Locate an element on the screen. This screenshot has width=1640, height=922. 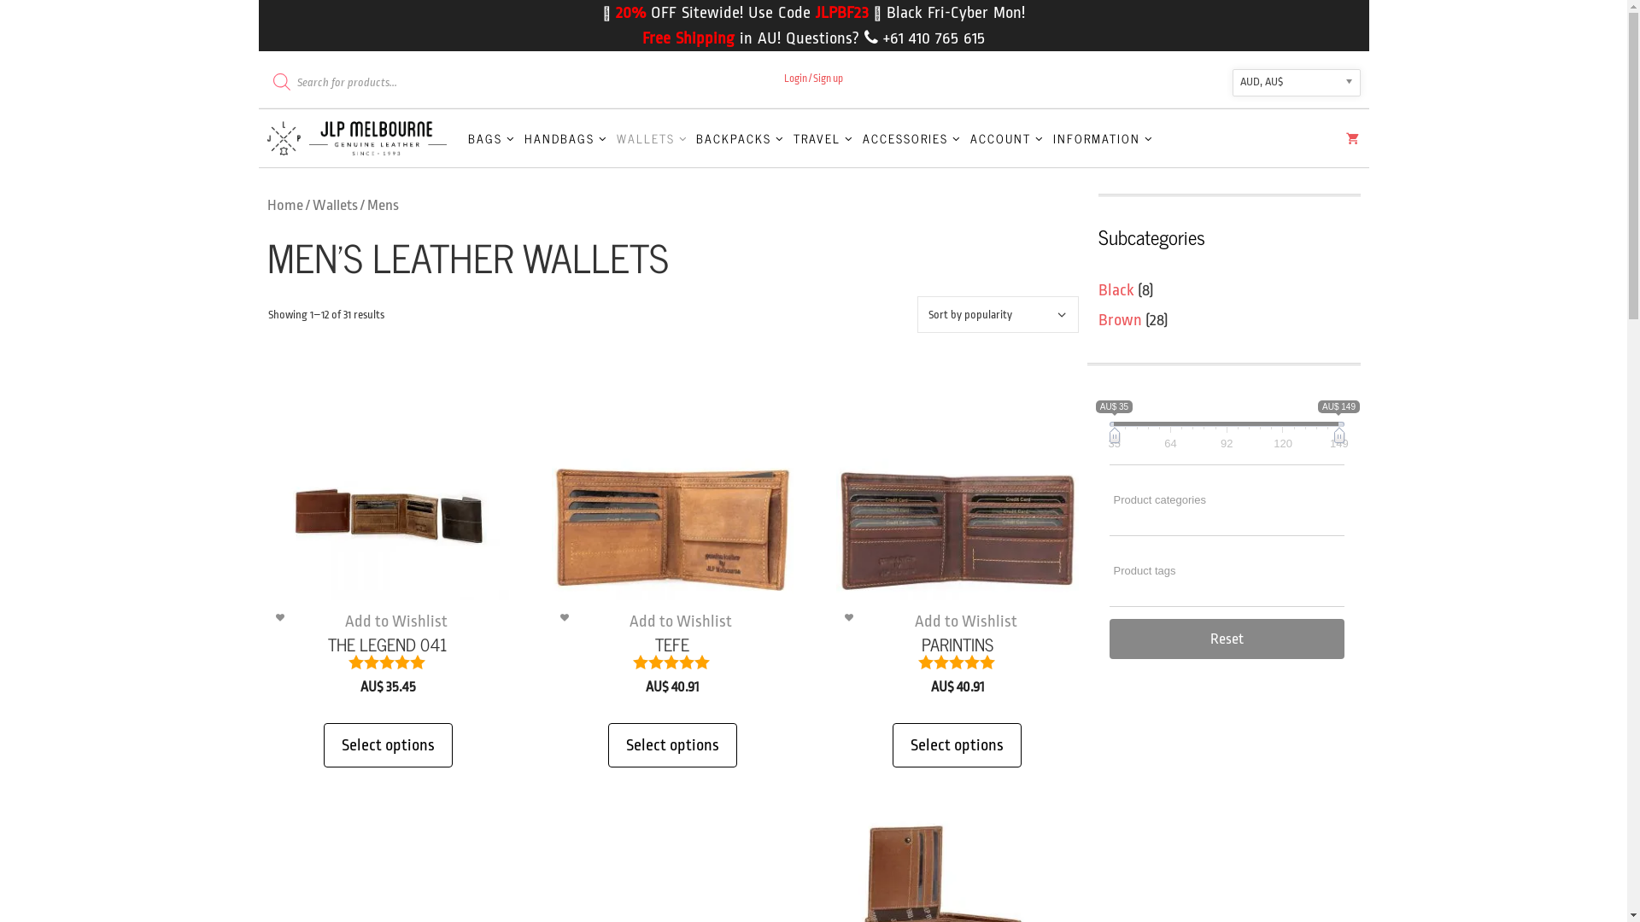
'Wallets' is located at coordinates (335, 204).